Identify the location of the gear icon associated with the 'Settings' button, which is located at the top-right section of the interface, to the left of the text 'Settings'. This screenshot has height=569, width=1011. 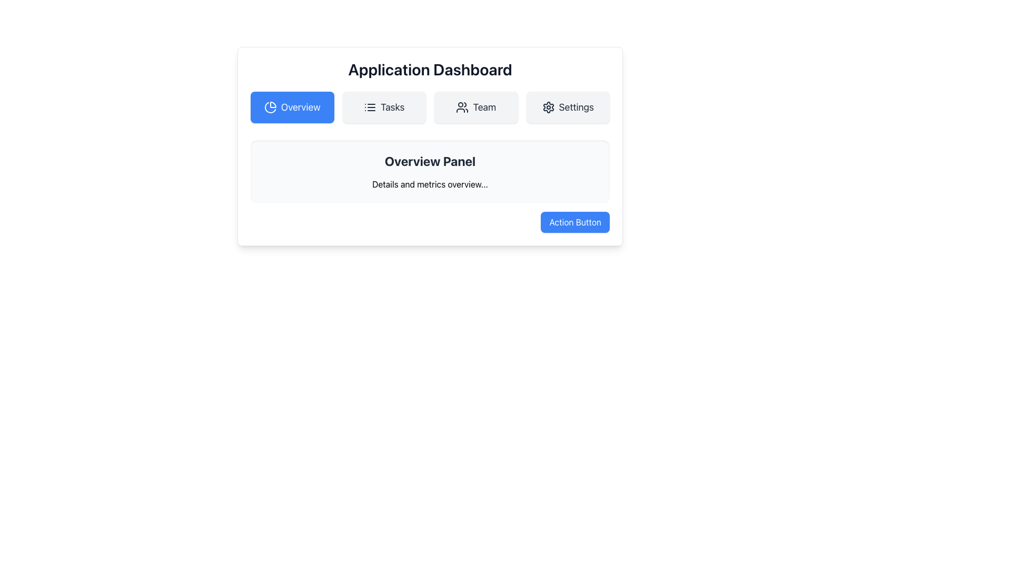
(548, 107).